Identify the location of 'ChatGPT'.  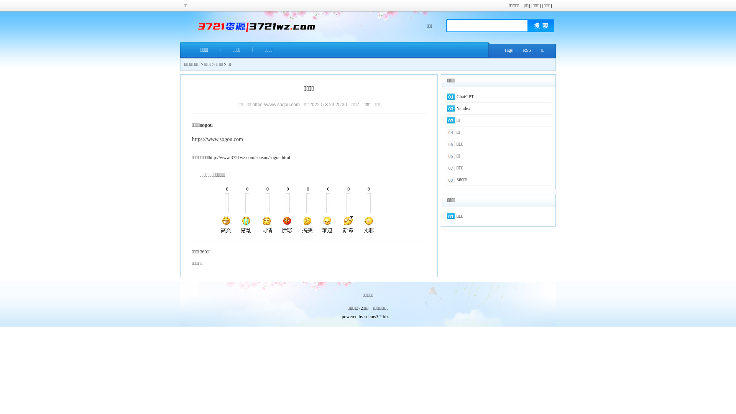
(465, 96).